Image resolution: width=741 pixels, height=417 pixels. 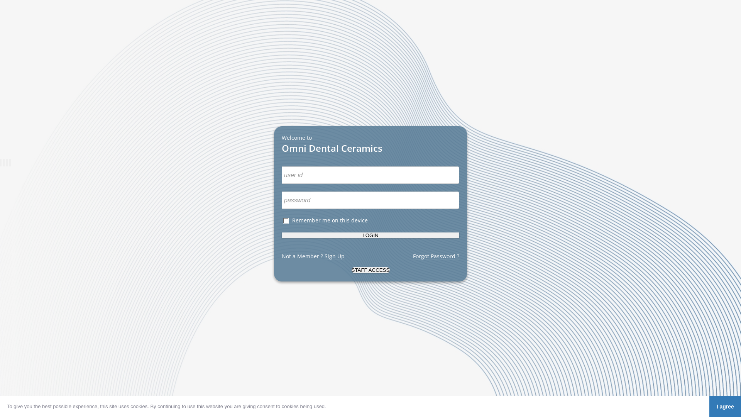 What do you see at coordinates (436, 256) in the screenshot?
I see `'Forgot Password ?'` at bounding box center [436, 256].